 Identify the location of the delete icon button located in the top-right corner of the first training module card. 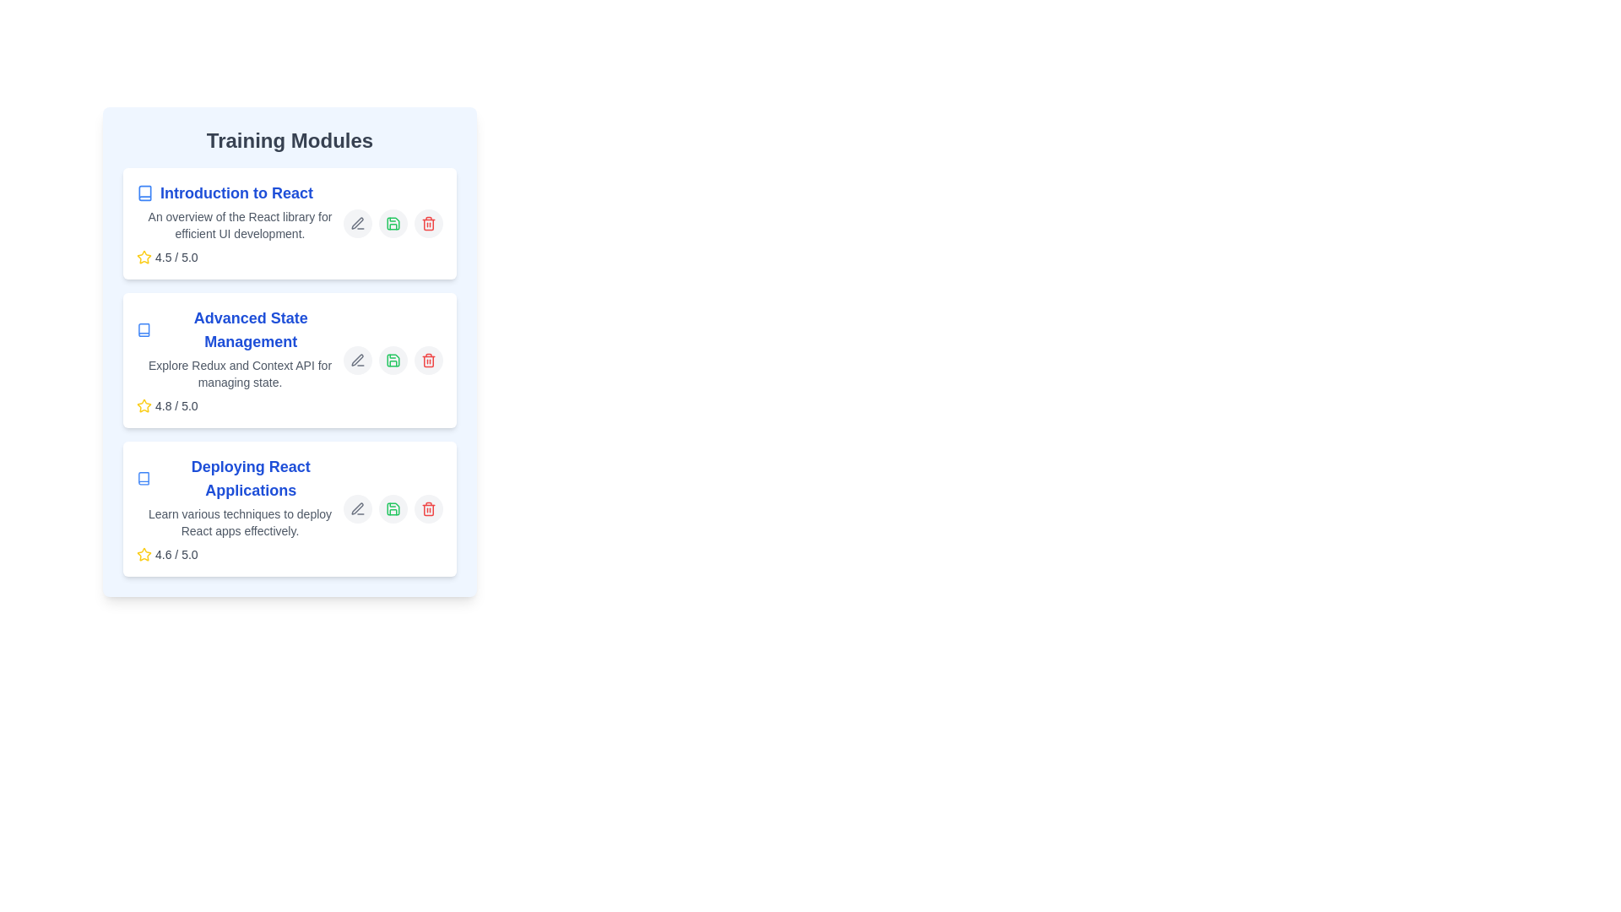
(429, 223).